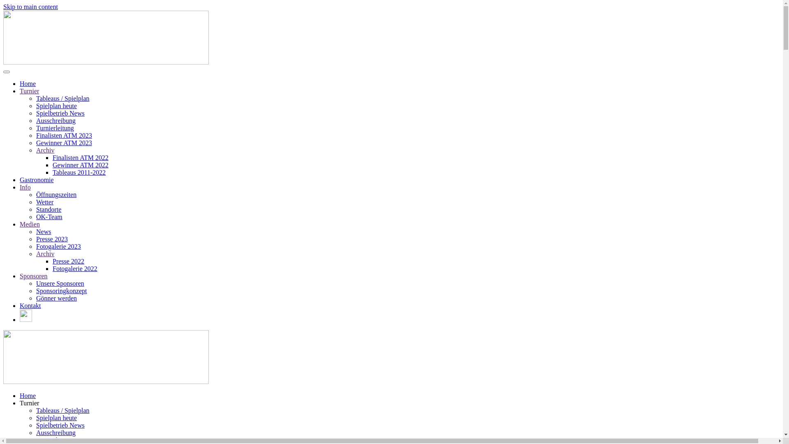 This screenshot has height=444, width=789. Describe the element at coordinates (49, 216) in the screenshot. I see `'OK-Team'` at that location.